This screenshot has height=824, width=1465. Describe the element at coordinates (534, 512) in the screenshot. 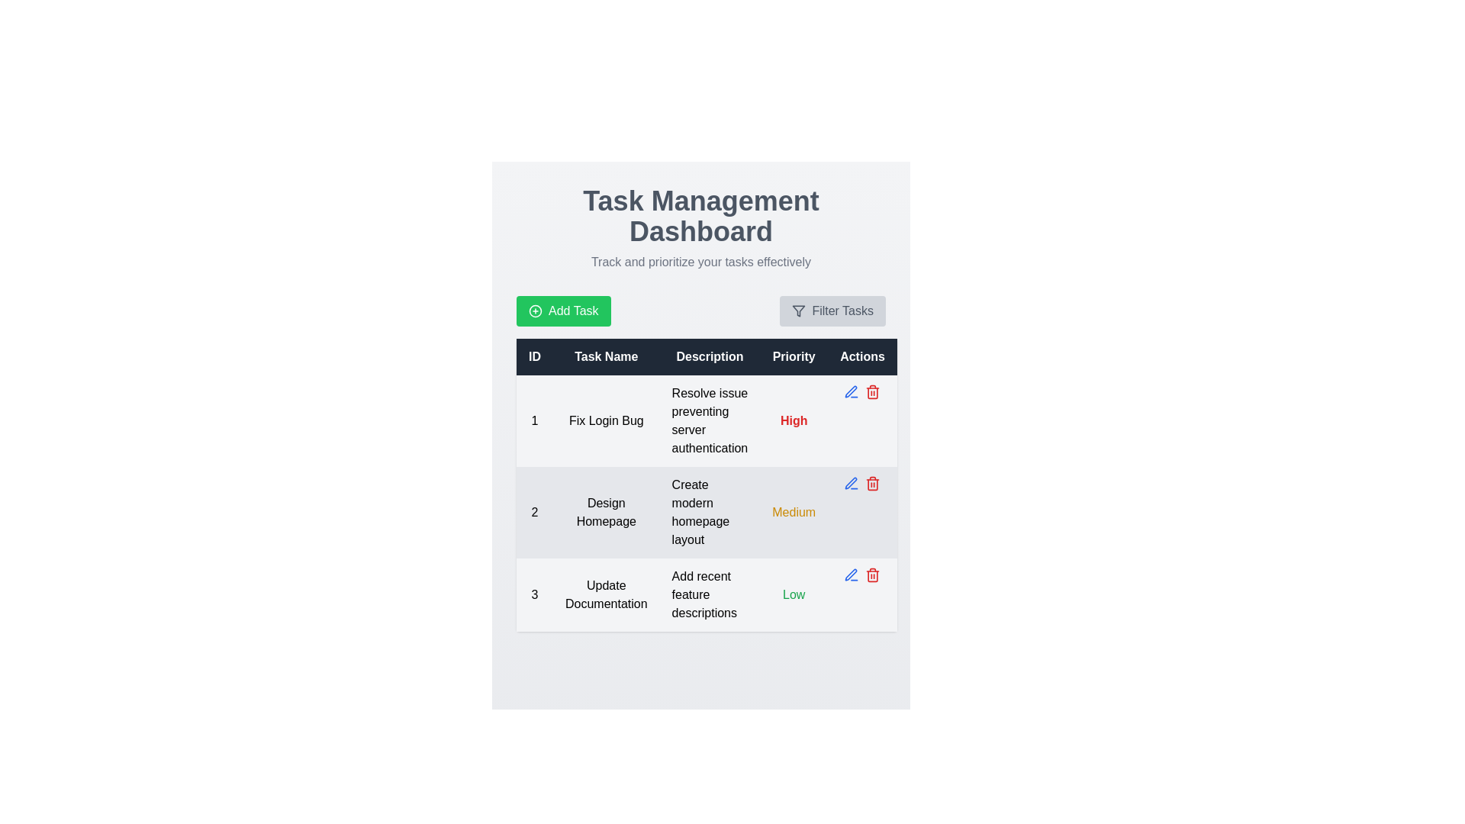

I see `the non-interactive text label in the 'ID' column of the second row in the table, which serves as an identifier for the task` at that location.